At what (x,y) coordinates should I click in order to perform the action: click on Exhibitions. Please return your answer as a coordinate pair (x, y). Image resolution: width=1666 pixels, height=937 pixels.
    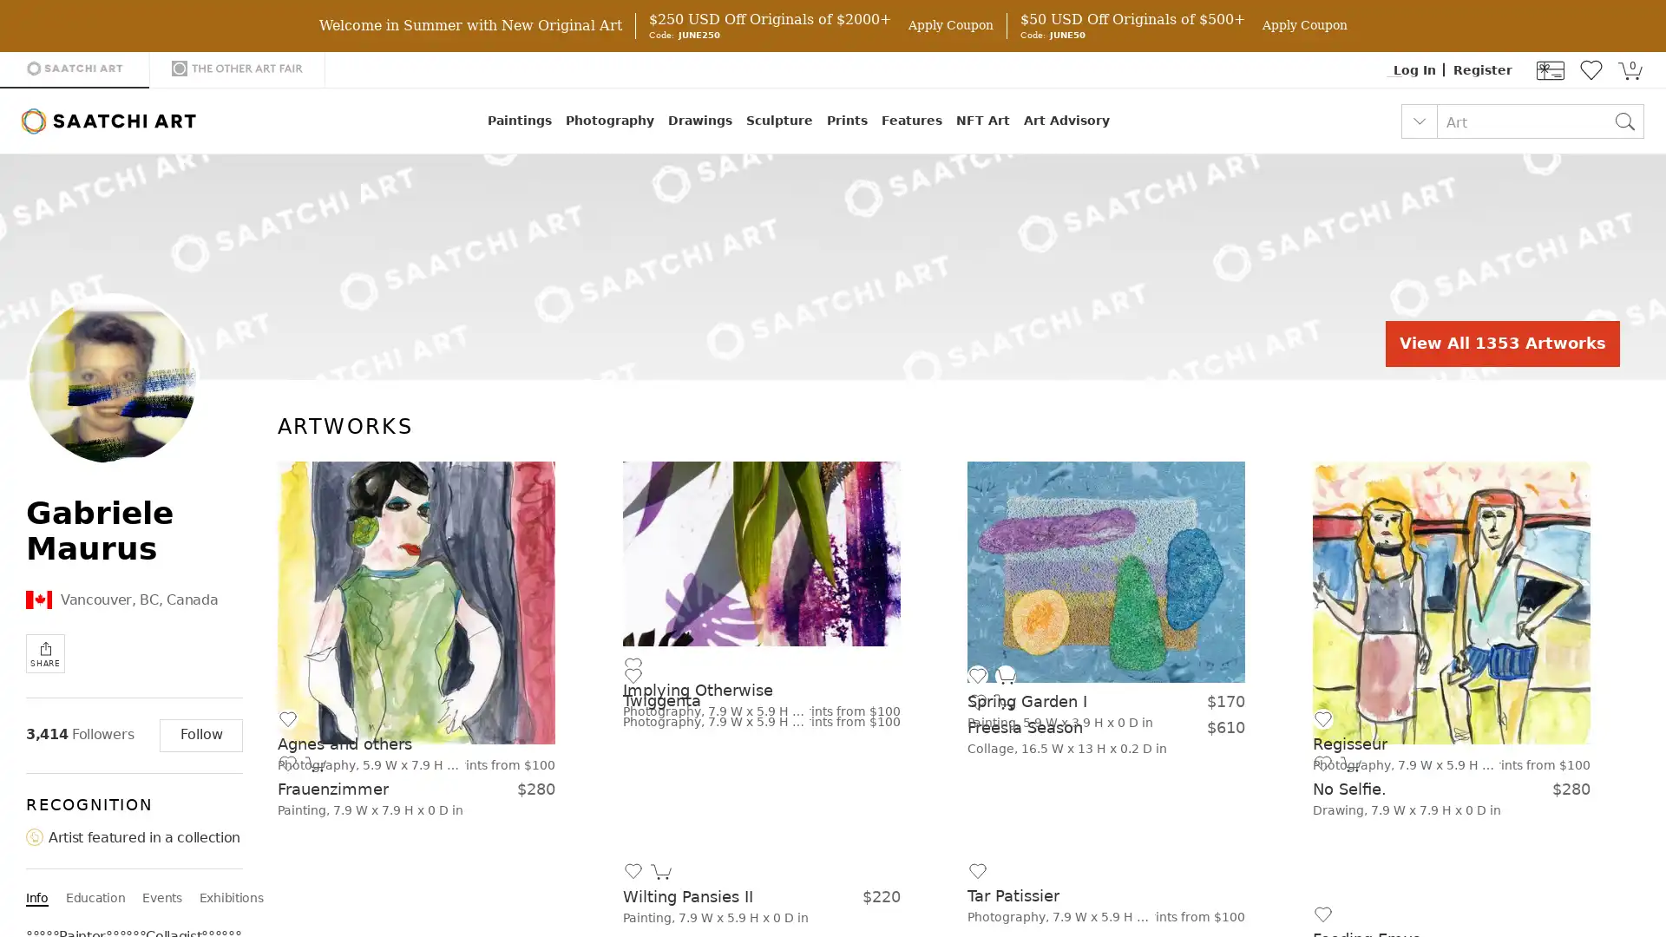
    Looking at the image, I should click on (229, 896).